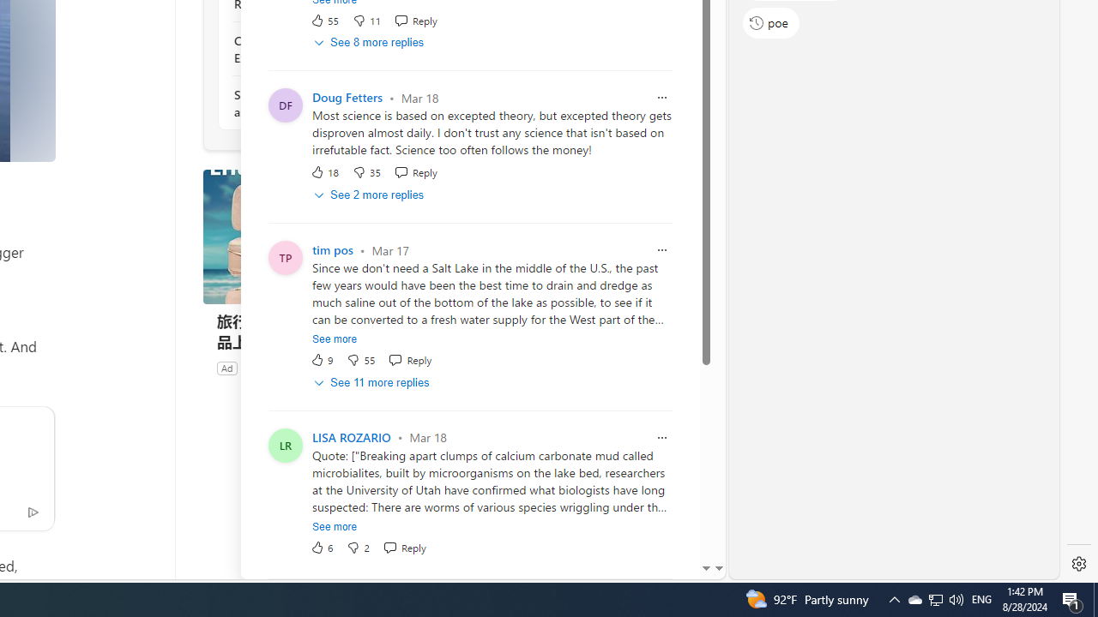  Describe the element at coordinates (370, 195) in the screenshot. I see `'See 2 more replies'` at that location.